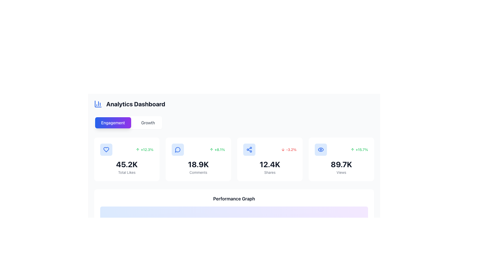  What do you see at coordinates (341, 164) in the screenshot?
I see `the text label displaying the number of views in the analytics dashboard, which is the fourth card from the left under the 'Engagement' section` at bounding box center [341, 164].